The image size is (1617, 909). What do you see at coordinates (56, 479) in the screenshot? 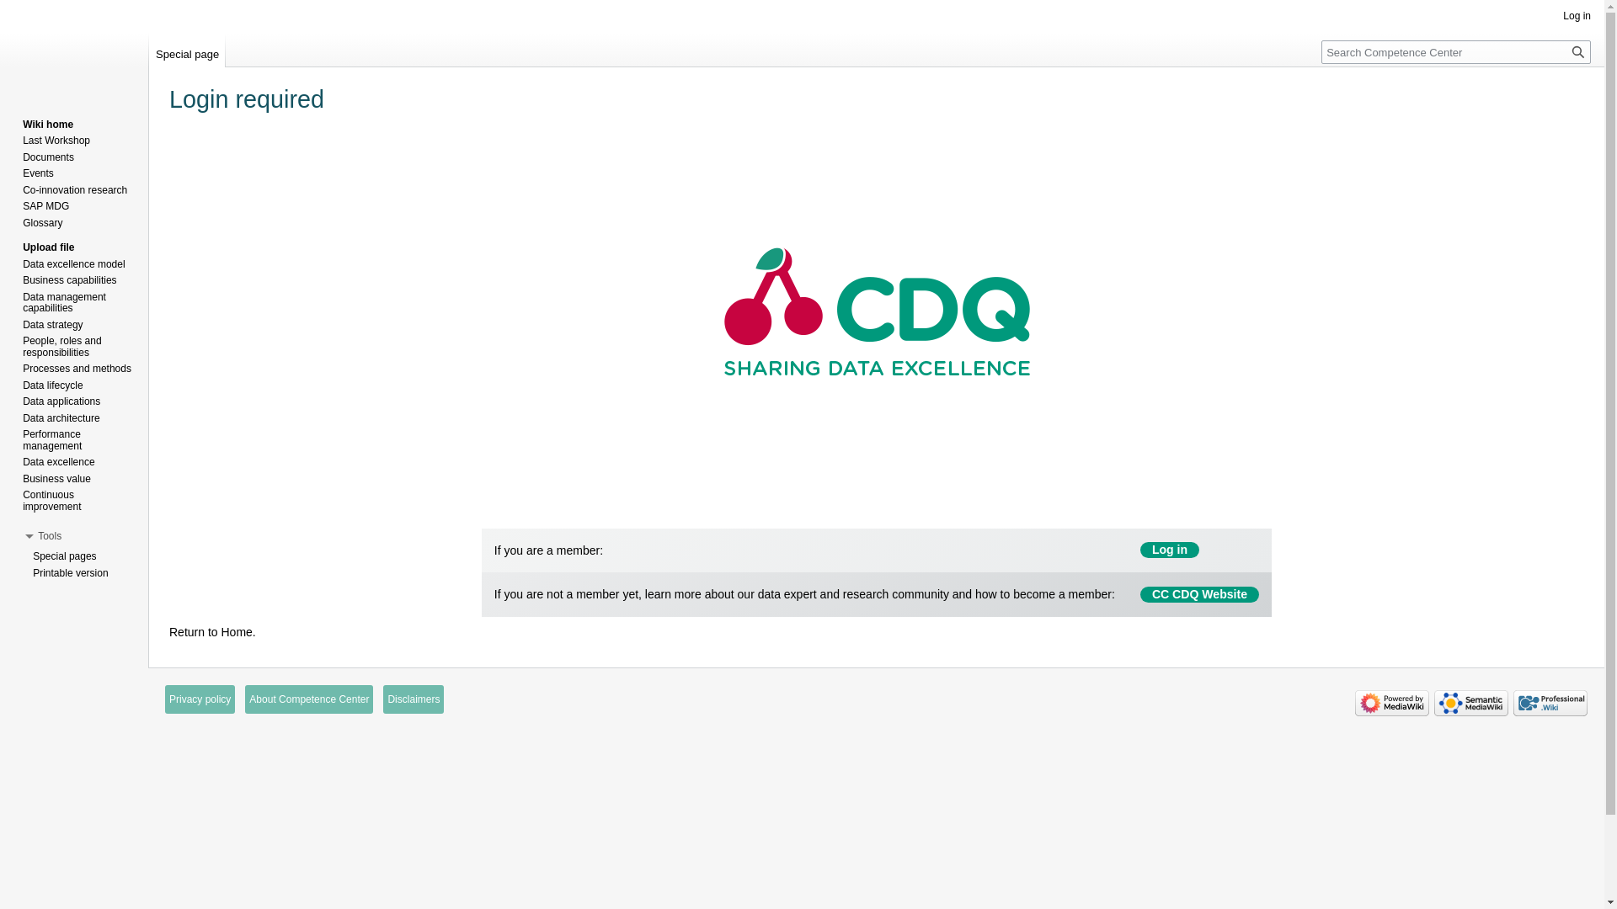
I see `'Business value'` at bounding box center [56, 479].